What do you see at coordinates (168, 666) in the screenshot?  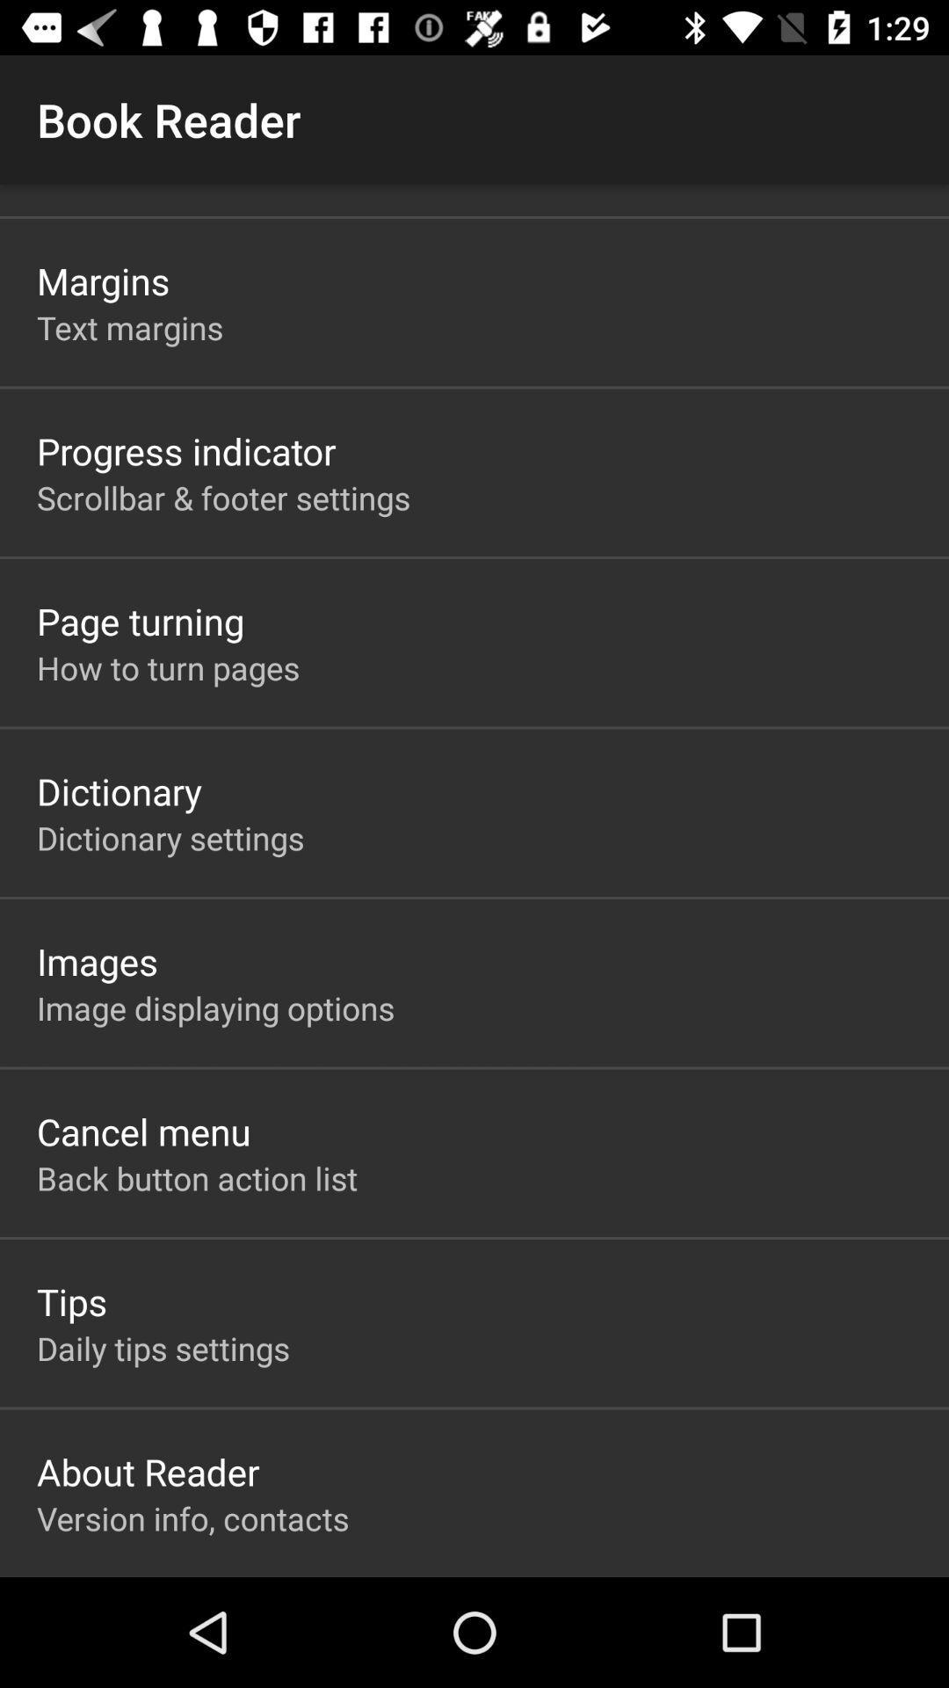 I see `the how to turn icon` at bounding box center [168, 666].